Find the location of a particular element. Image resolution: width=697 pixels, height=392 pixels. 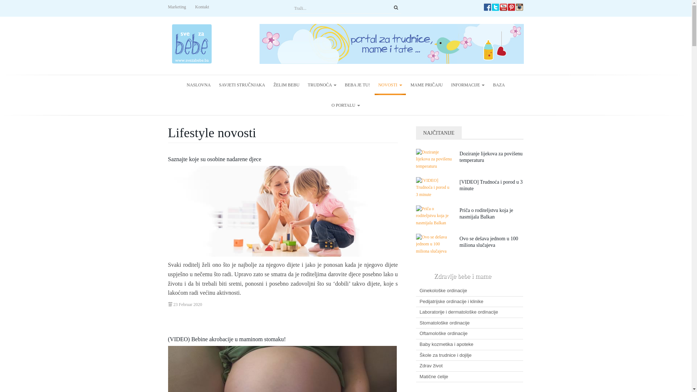

'Pedijatrijske ordinacije i klinike' is located at coordinates (469, 302).